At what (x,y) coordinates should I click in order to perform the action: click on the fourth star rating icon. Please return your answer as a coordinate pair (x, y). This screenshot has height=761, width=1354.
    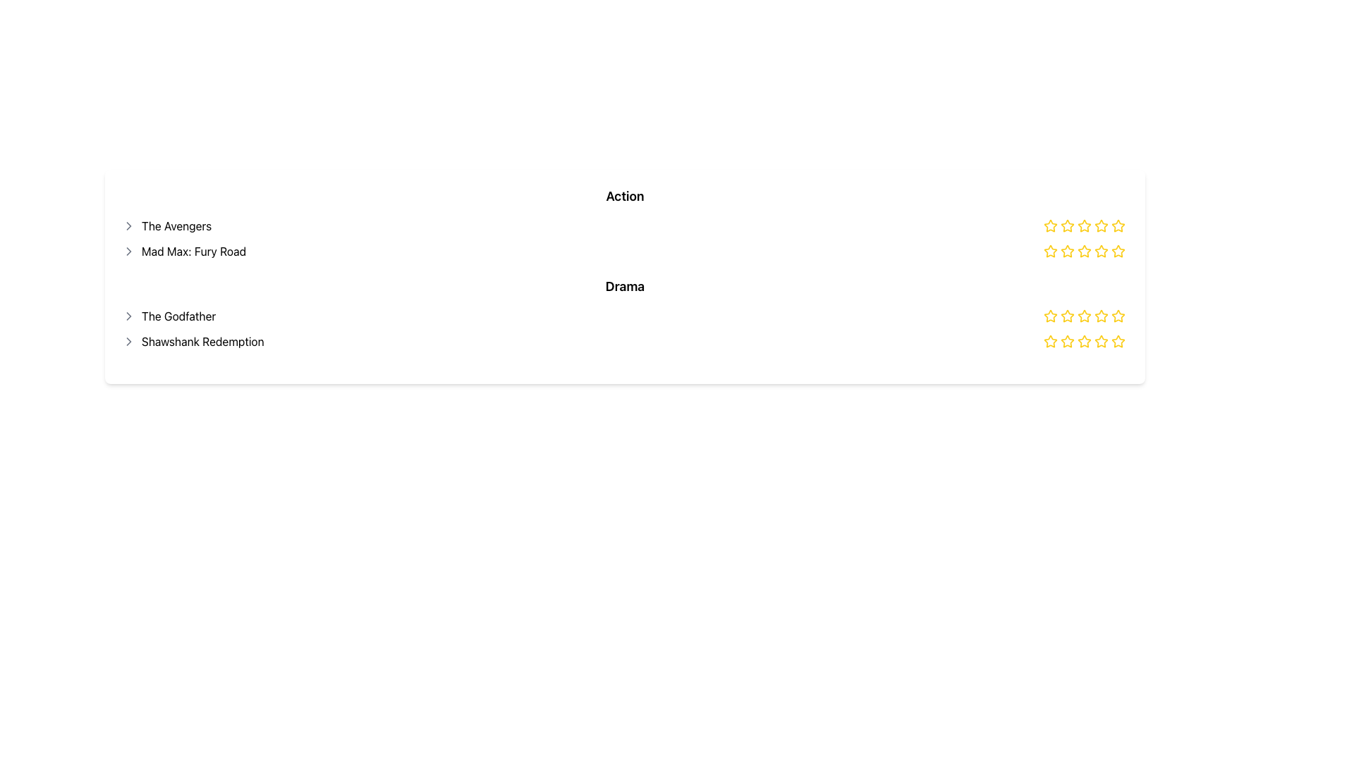
    Looking at the image, I should click on (1083, 342).